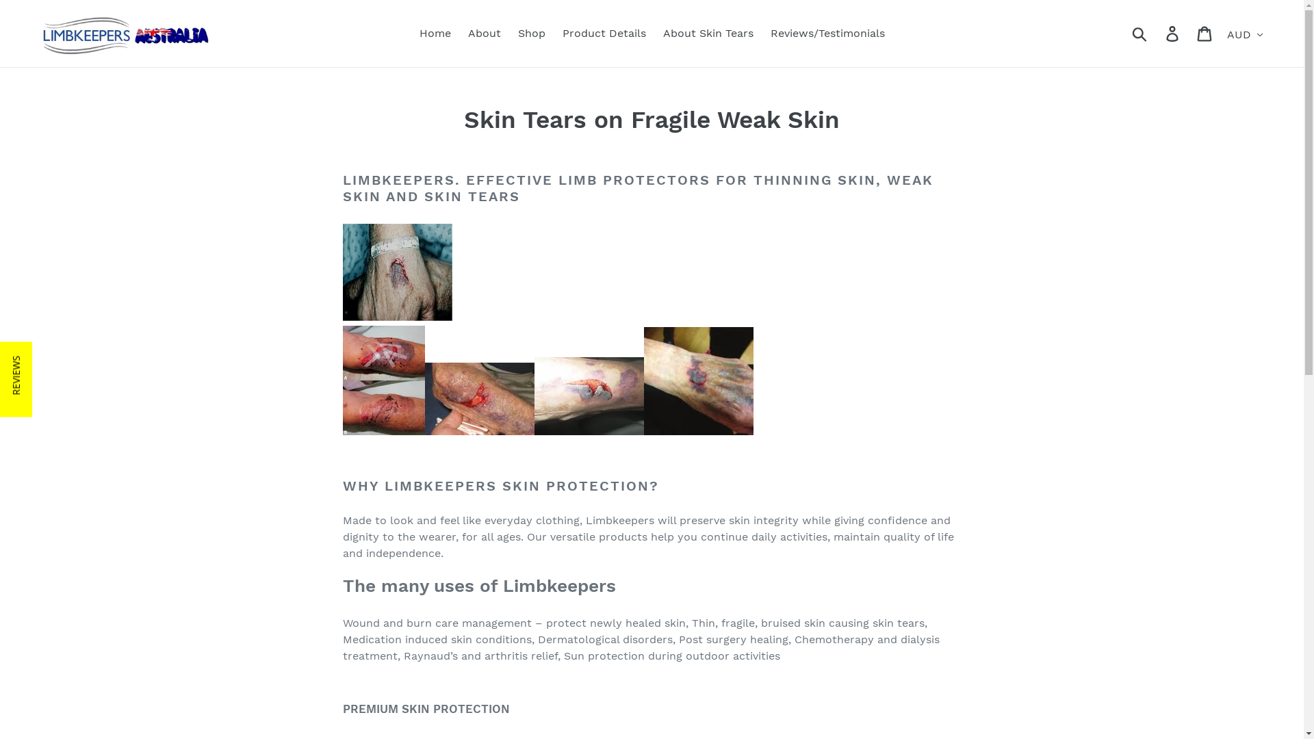  Describe the element at coordinates (1140, 33) in the screenshot. I see `'Submit'` at that location.